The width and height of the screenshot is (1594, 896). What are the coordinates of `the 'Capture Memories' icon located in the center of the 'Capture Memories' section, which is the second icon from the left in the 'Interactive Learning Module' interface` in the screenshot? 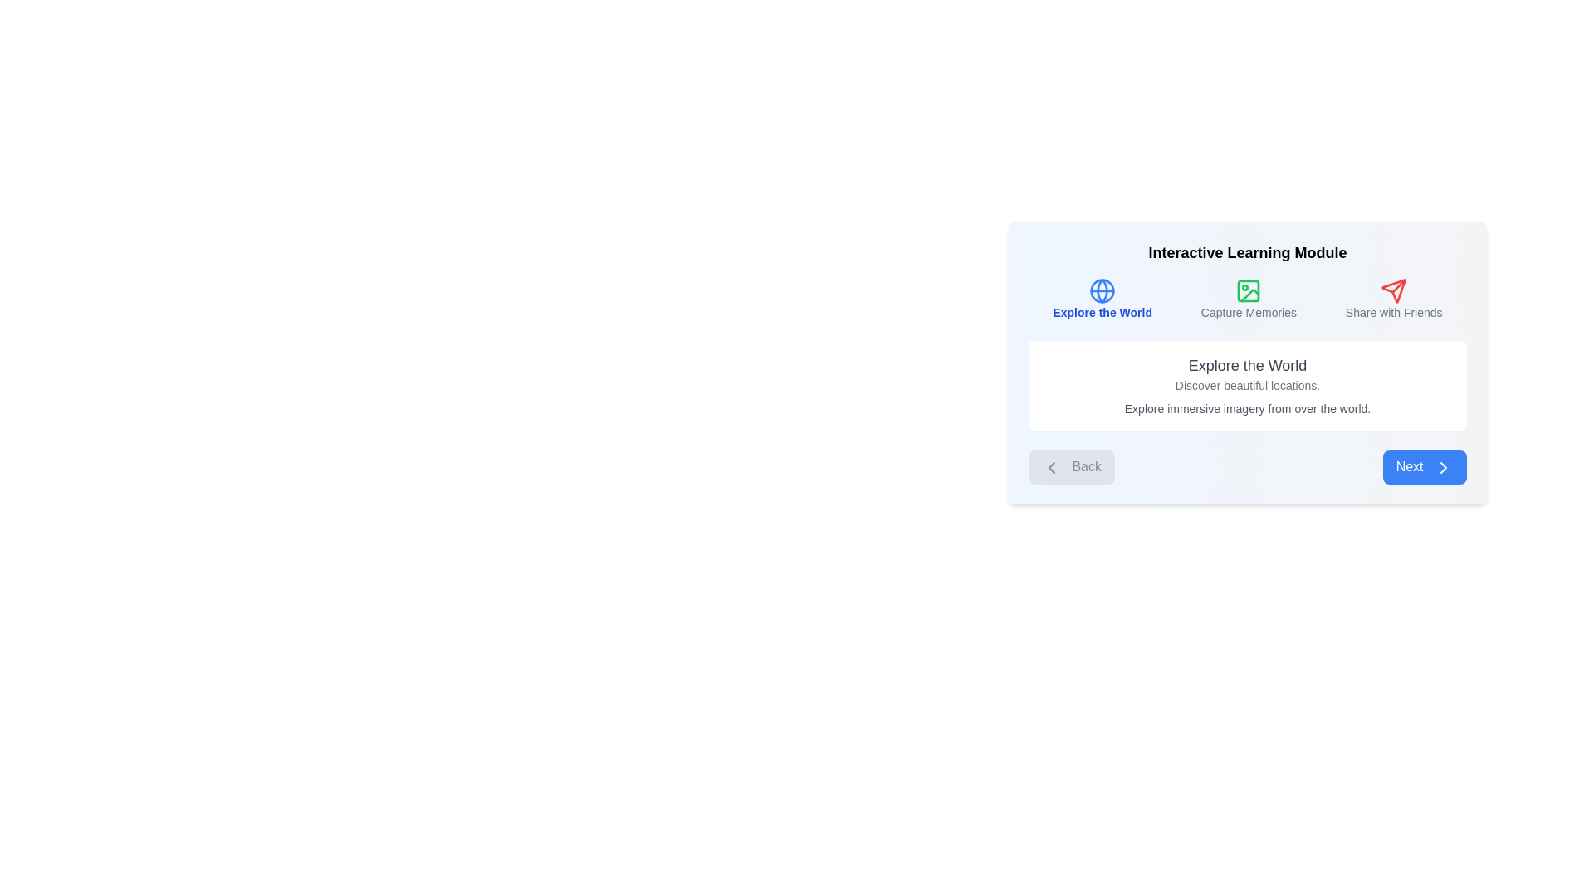 It's located at (1249, 290).